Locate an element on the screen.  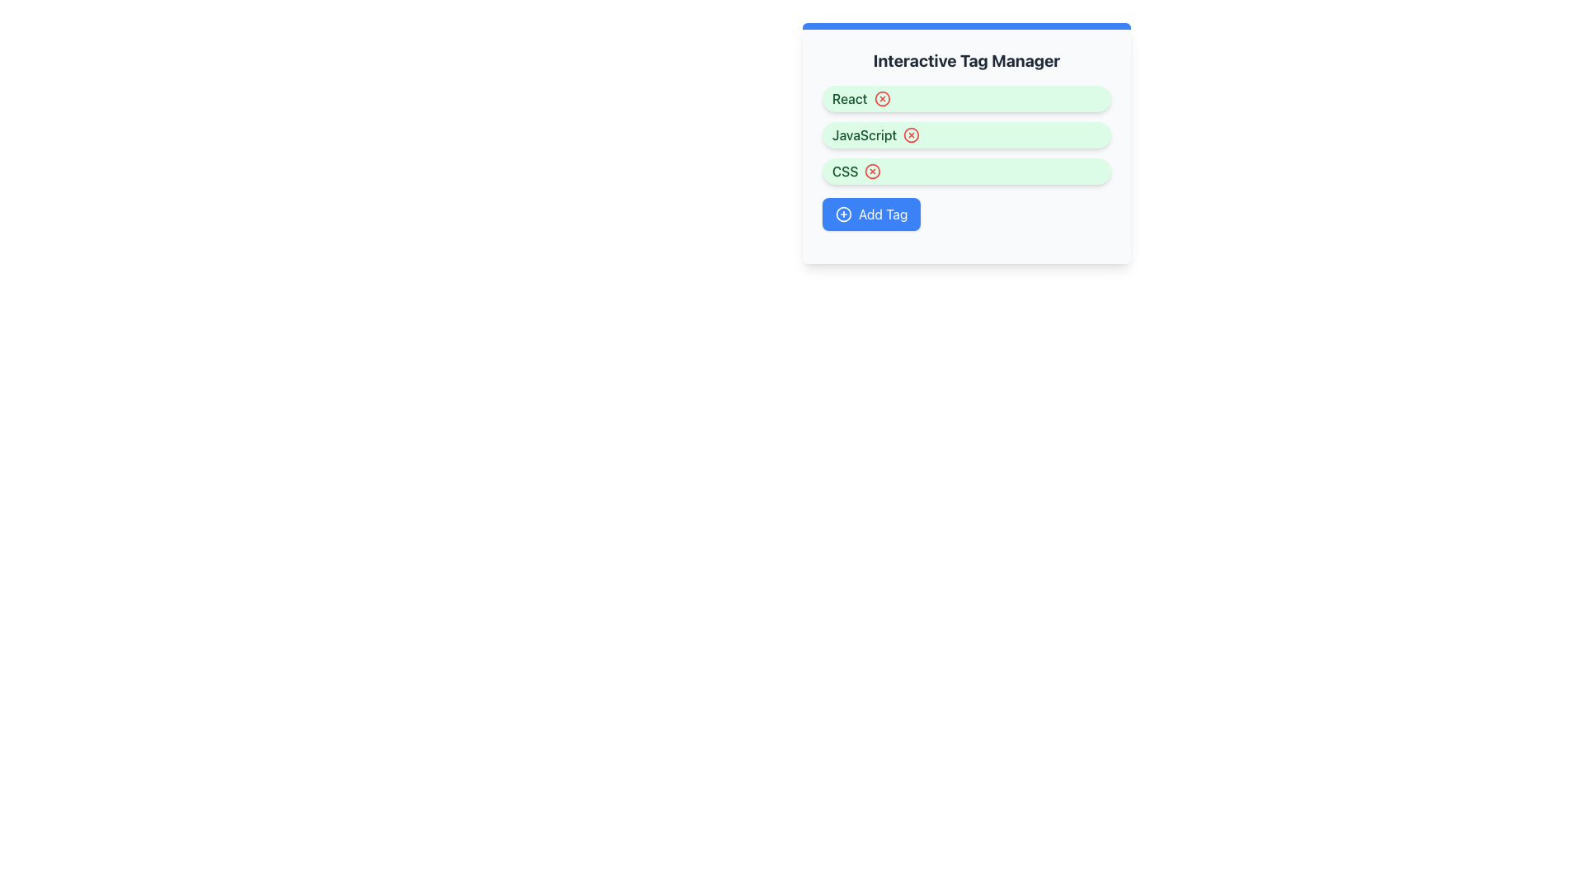
the red circular button with a cross symbol inside, located to the right of the label 'React', to change its color is located at coordinates (881, 98).